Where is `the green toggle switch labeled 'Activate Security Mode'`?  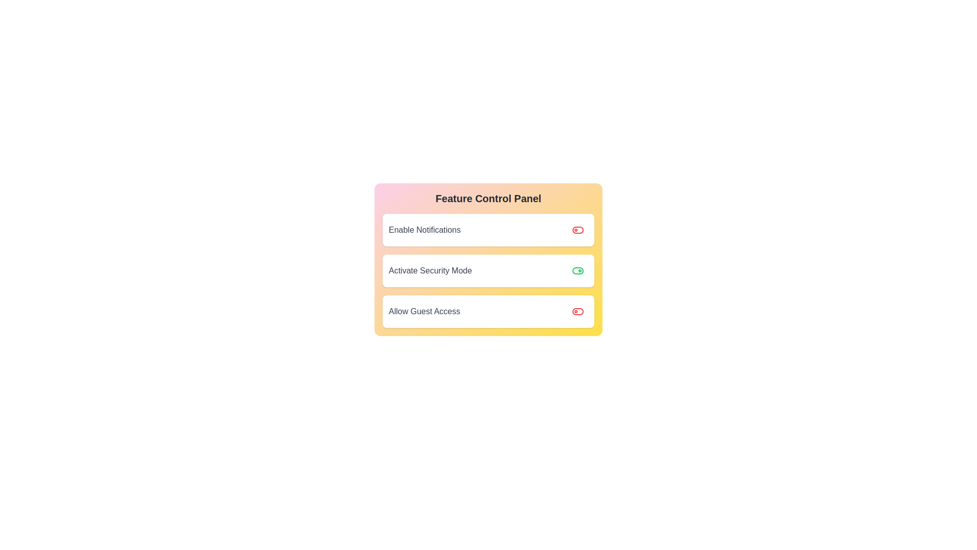
the green toggle switch labeled 'Activate Security Mode' is located at coordinates (578, 270).